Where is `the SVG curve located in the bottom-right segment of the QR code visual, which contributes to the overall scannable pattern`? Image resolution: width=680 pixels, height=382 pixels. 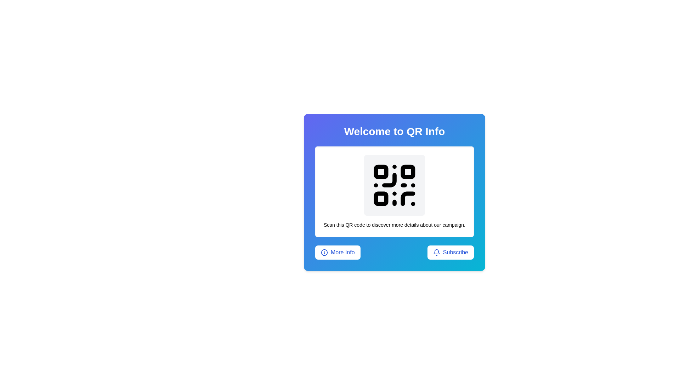 the SVG curve located in the bottom-right segment of the QR code visual, which contributes to the overall scannable pattern is located at coordinates (408, 198).